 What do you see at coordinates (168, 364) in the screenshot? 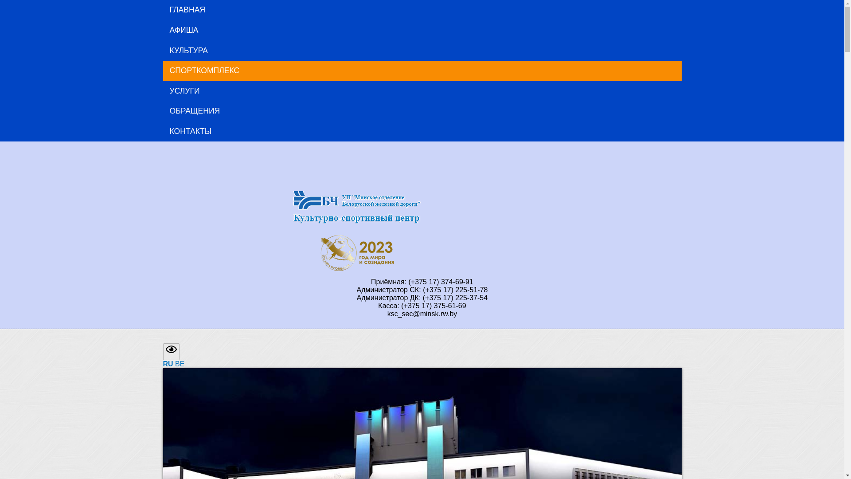
I see `'RU'` at bounding box center [168, 364].